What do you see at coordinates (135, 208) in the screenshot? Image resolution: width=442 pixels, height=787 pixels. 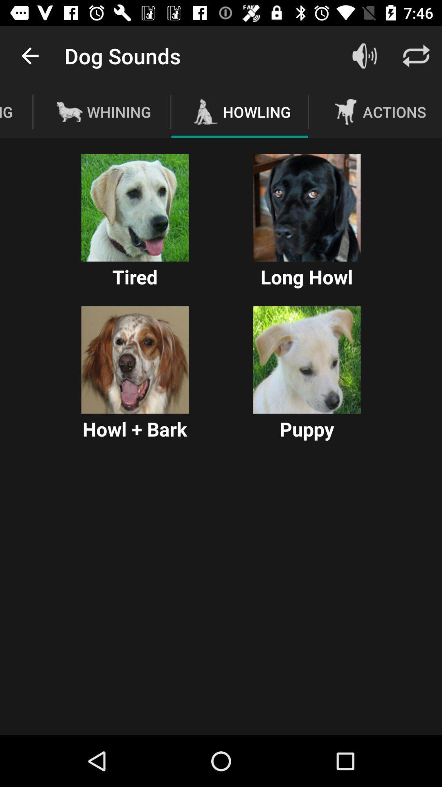 I see `tired dog sound` at bounding box center [135, 208].